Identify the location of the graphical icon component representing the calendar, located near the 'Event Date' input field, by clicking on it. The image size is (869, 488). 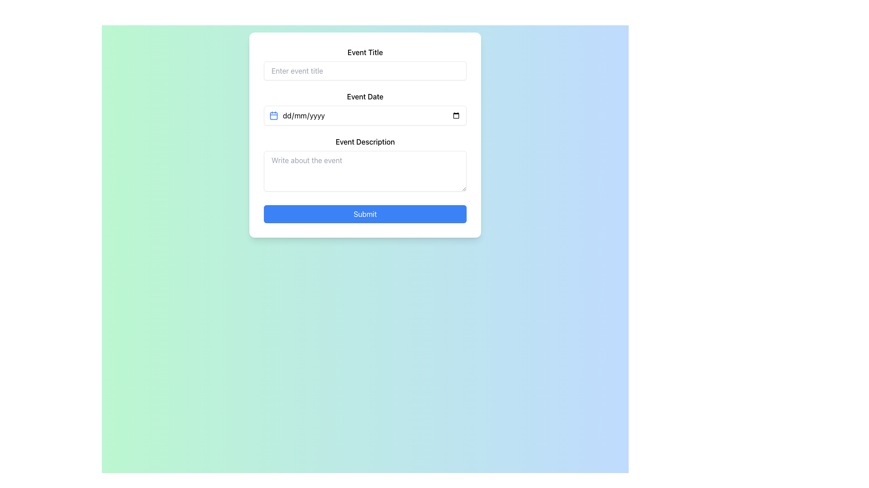
(273, 115).